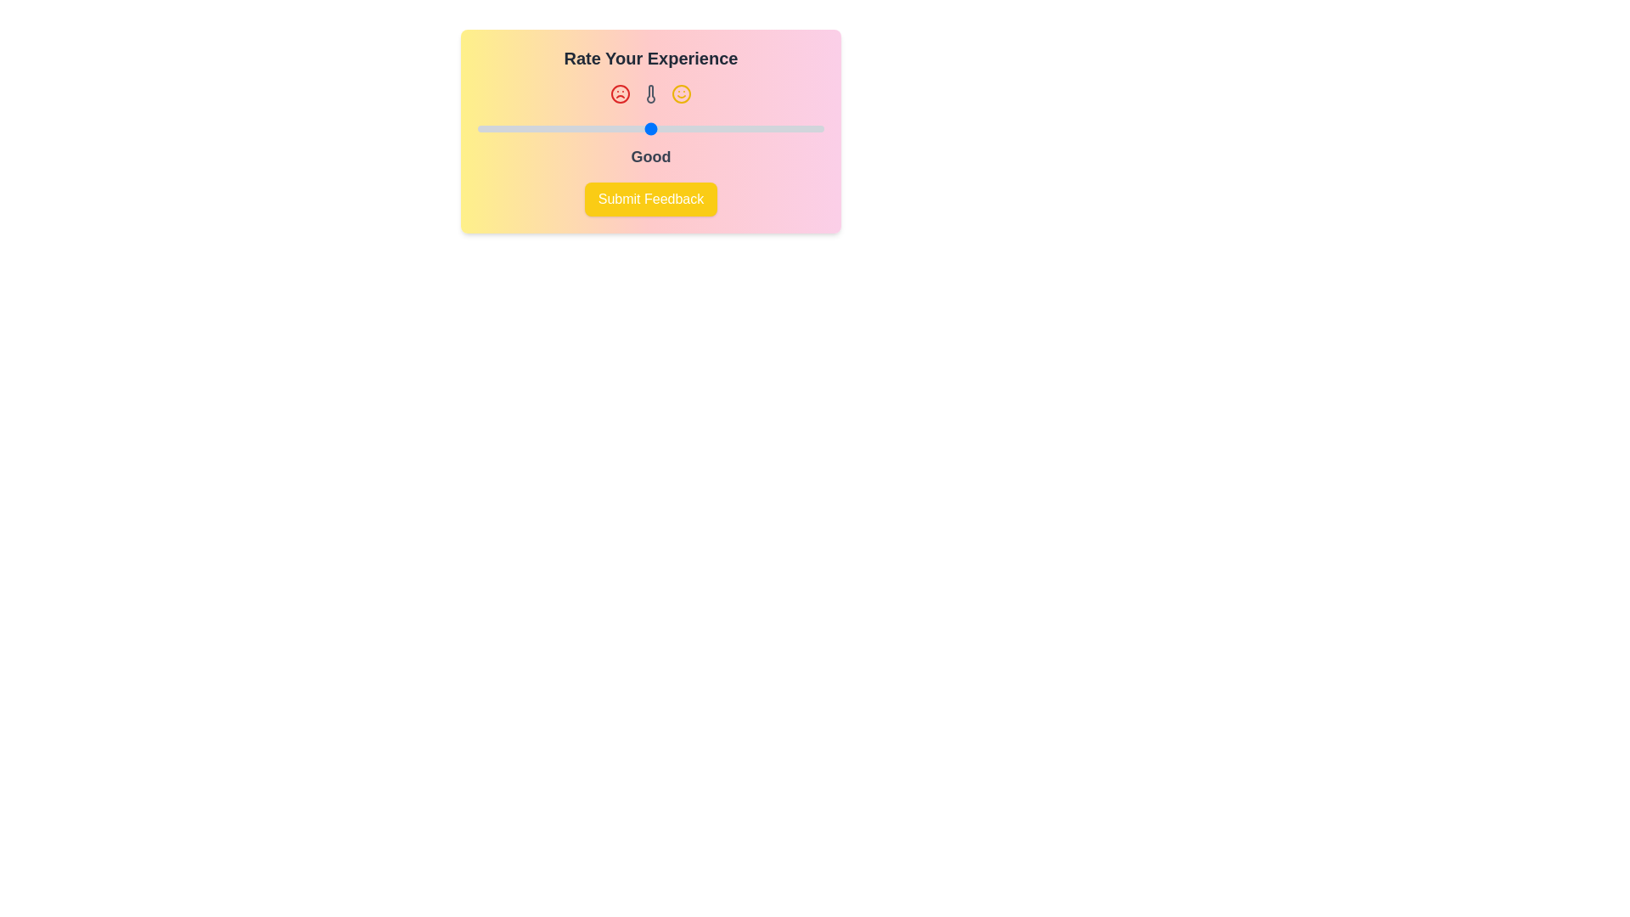 The height and width of the screenshot is (917, 1630). What do you see at coordinates (619, 94) in the screenshot?
I see `the Frown icon to observe its state` at bounding box center [619, 94].